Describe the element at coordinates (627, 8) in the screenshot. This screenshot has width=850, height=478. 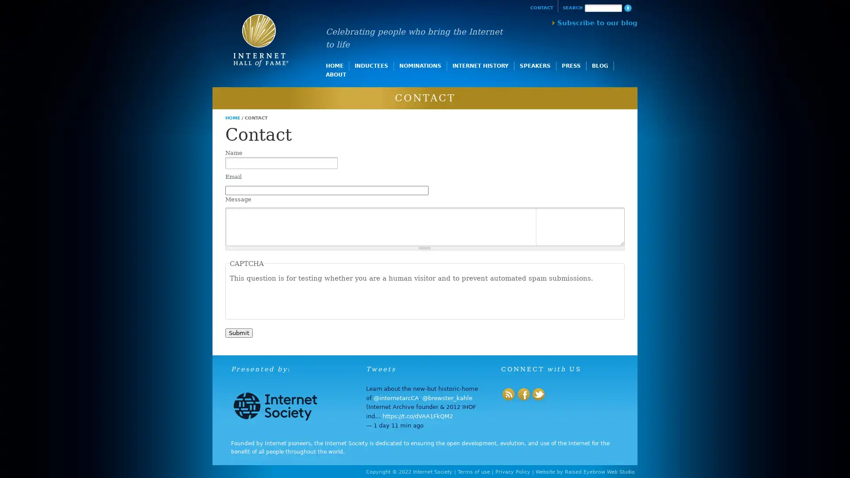
I see `Search` at that location.